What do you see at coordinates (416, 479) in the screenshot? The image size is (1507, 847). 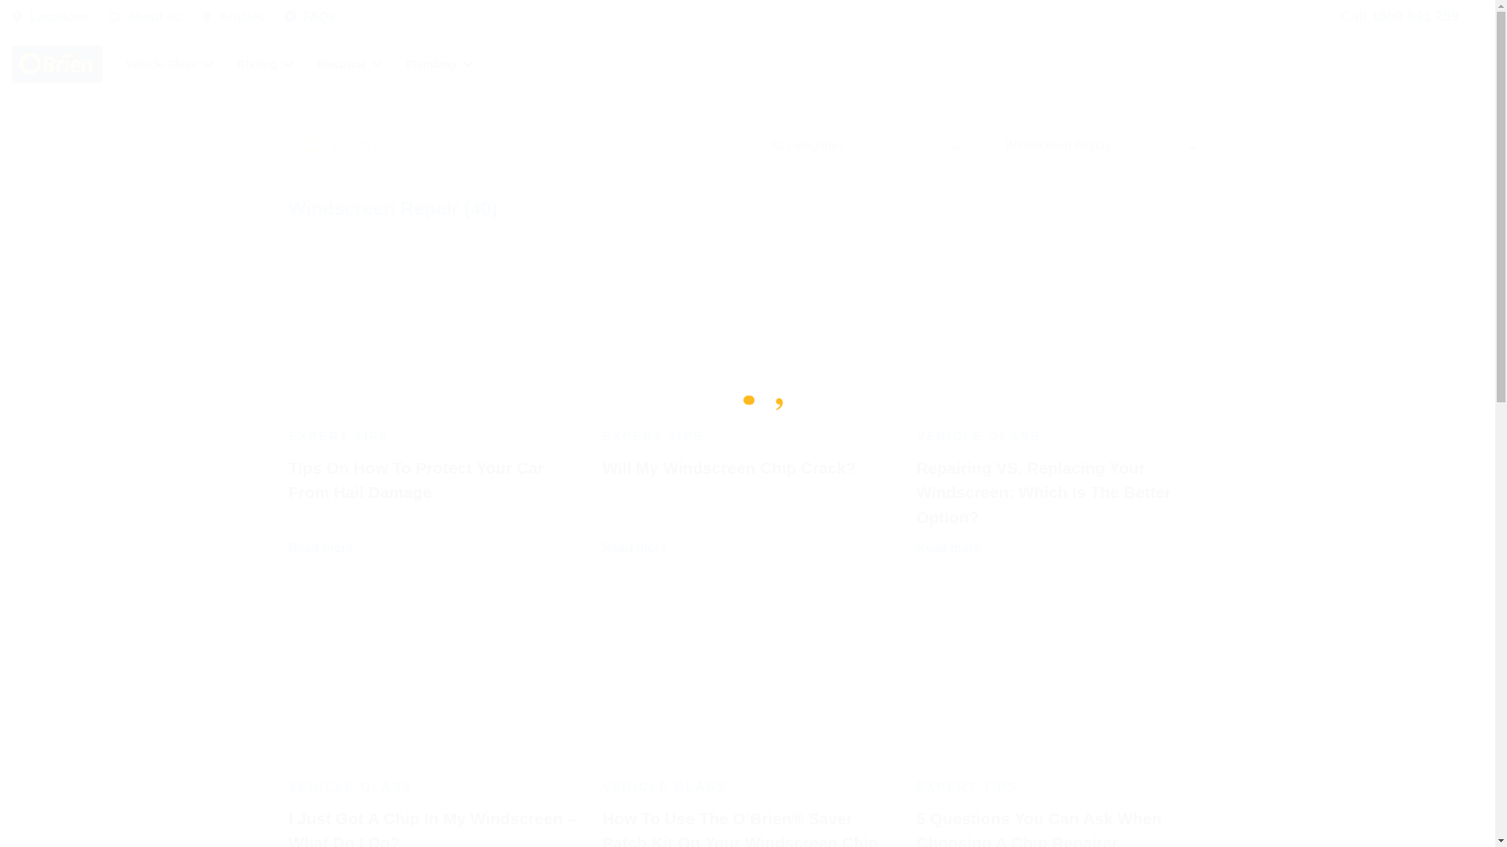 I see `'Tips On How To Protect Your Car From Hail Damage'` at bounding box center [416, 479].